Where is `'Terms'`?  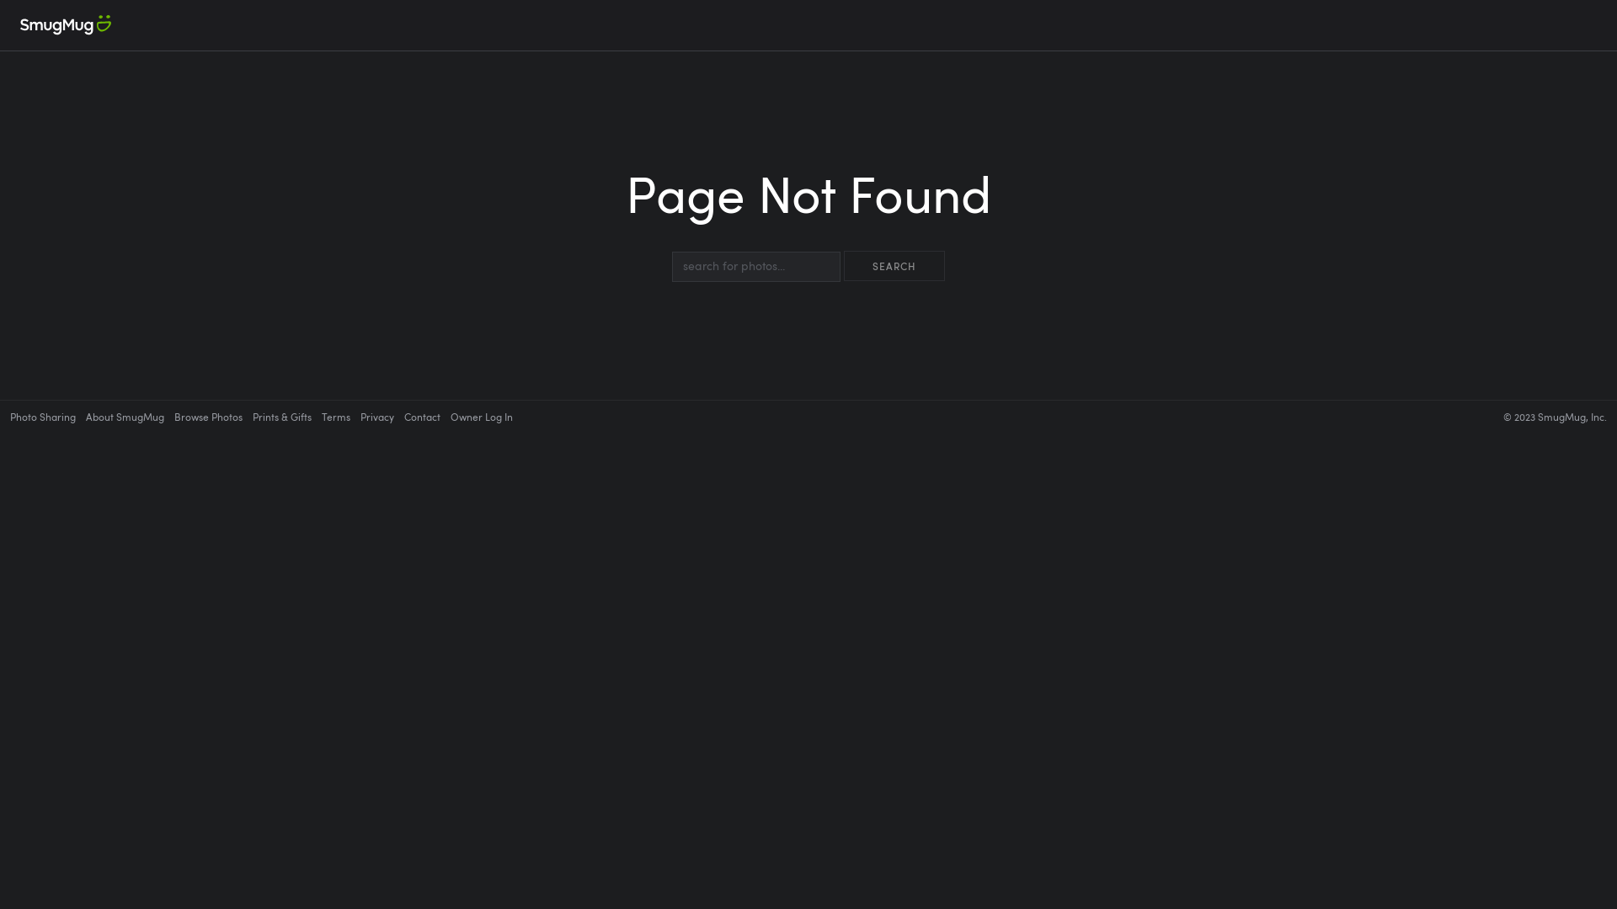 'Terms' is located at coordinates (335, 416).